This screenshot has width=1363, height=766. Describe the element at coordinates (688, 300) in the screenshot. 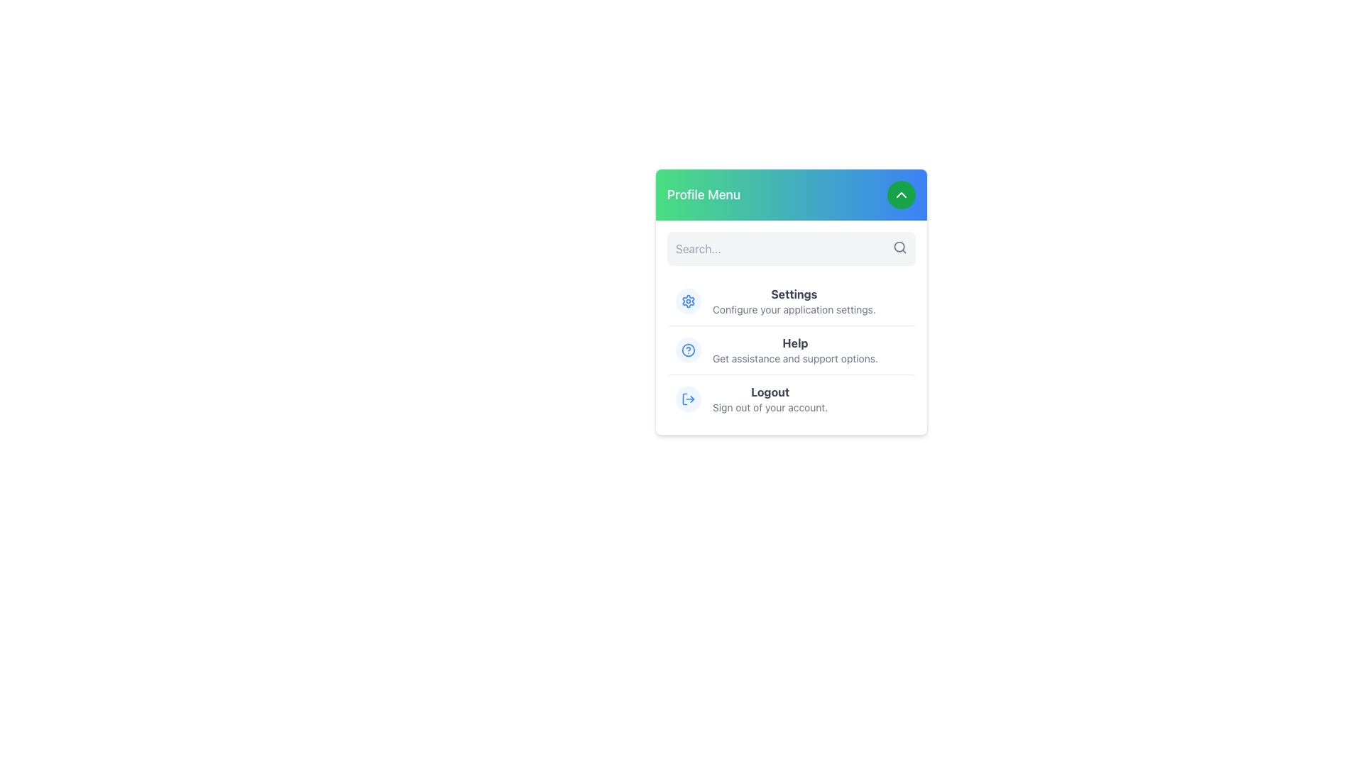

I see `the 'Settings' icon located in the profile menu card` at that location.